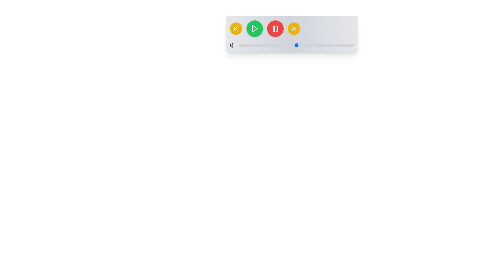 This screenshot has width=496, height=279. What do you see at coordinates (319, 45) in the screenshot?
I see `the slider position` at bounding box center [319, 45].